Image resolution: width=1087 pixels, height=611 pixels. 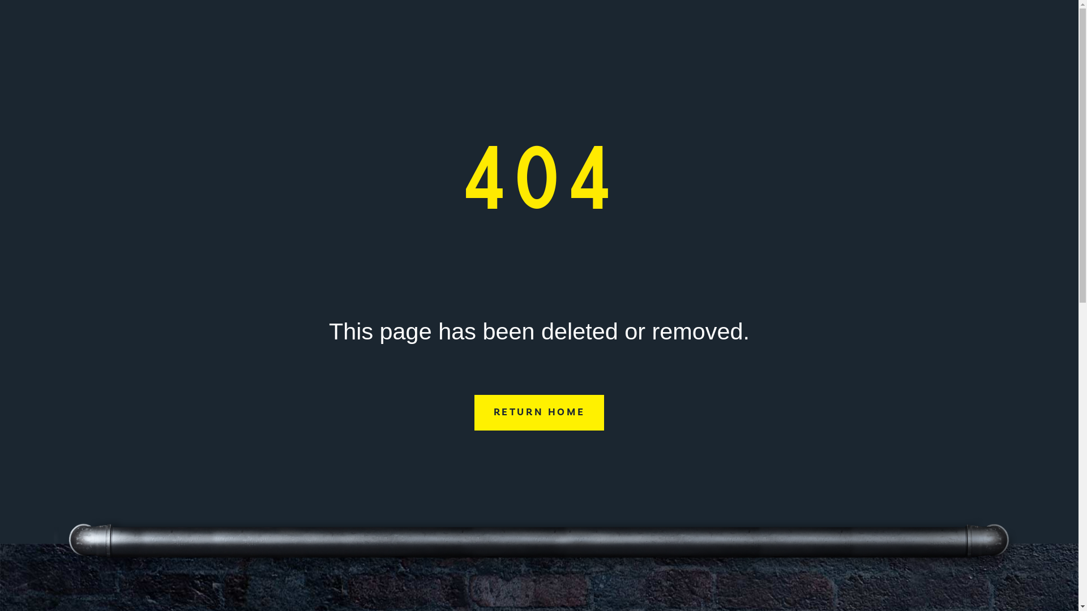 What do you see at coordinates (474, 412) in the screenshot?
I see `'RETURN HOME'` at bounding box center [474, 412].